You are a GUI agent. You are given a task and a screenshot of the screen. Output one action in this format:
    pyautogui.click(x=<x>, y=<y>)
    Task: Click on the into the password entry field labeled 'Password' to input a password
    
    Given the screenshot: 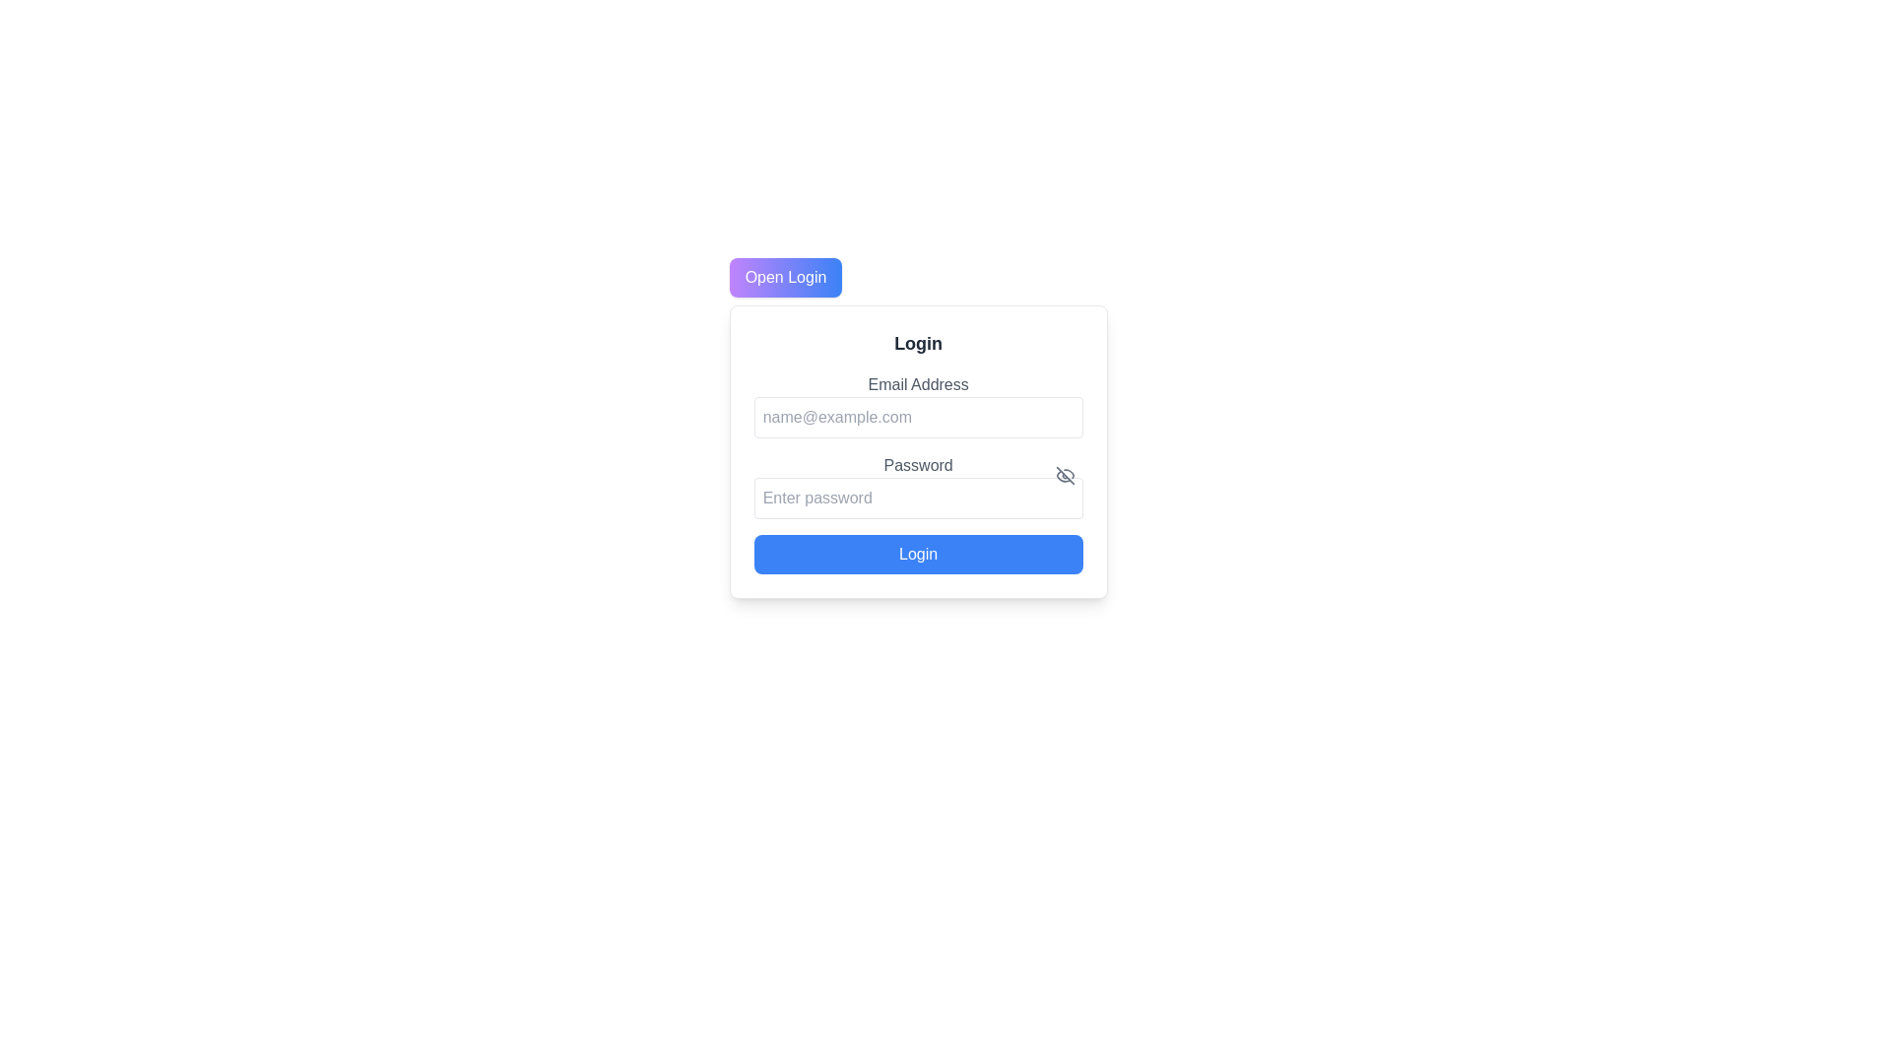 What is the action you would take?
    pyautogui.click(x=917, y=486)
    